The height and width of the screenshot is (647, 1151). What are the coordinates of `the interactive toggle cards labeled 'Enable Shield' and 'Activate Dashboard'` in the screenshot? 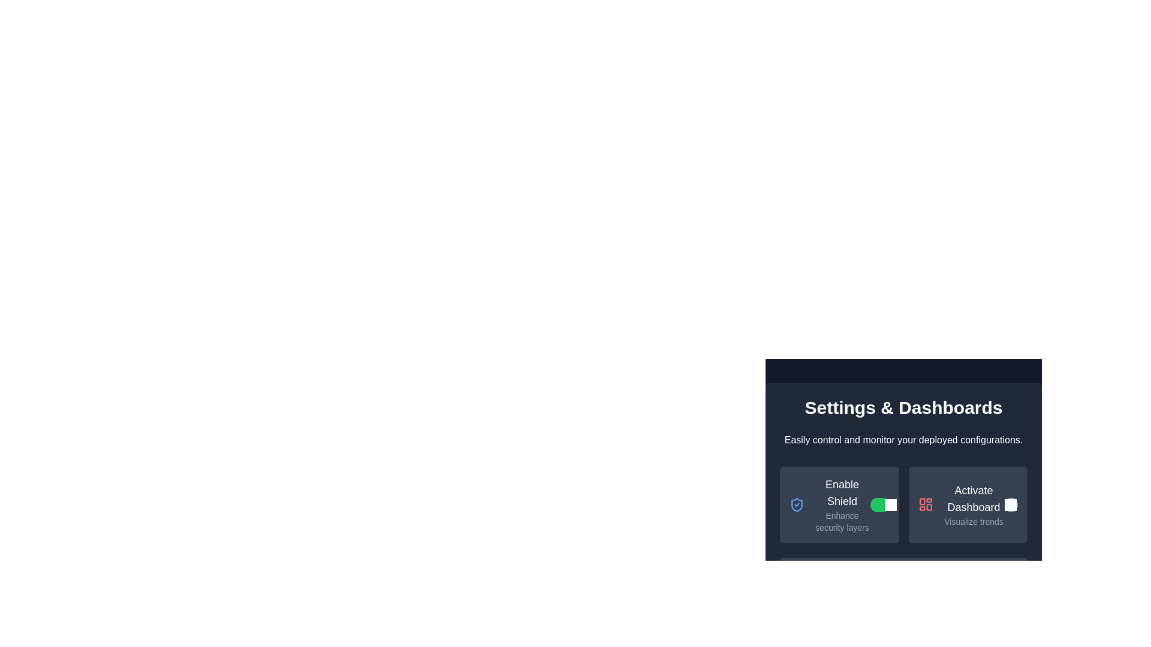 It's located at (903, 505).